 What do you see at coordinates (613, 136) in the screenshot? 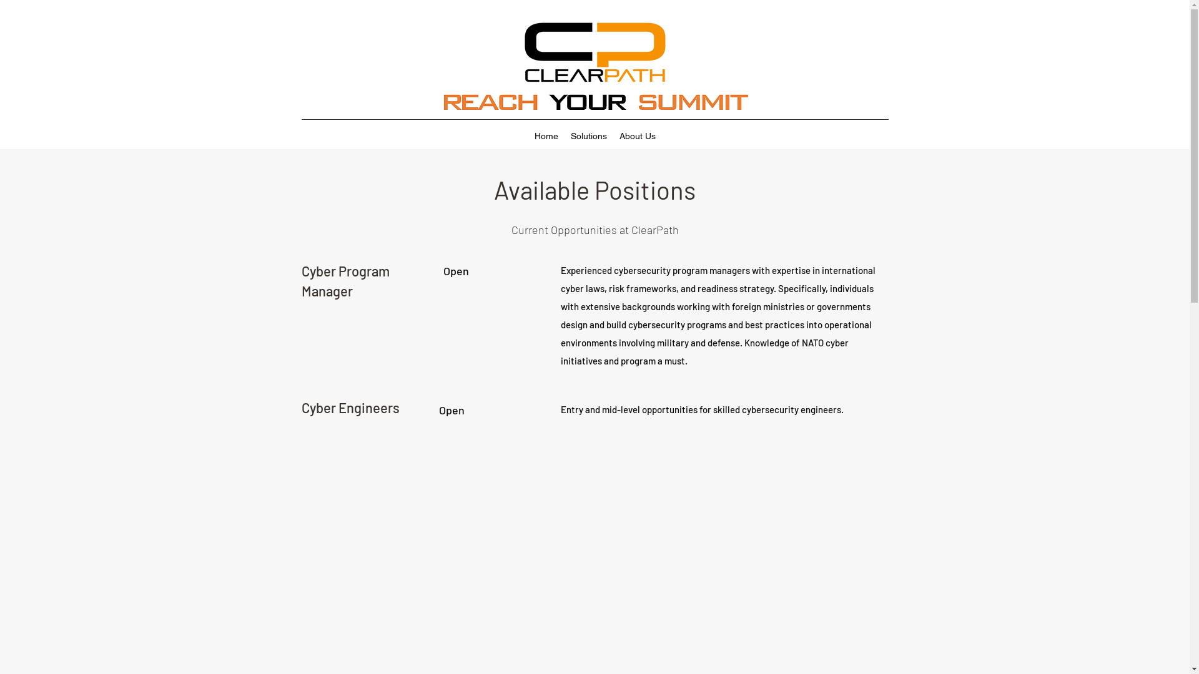
I see `'About Us'` at bounding box center [613, 136].